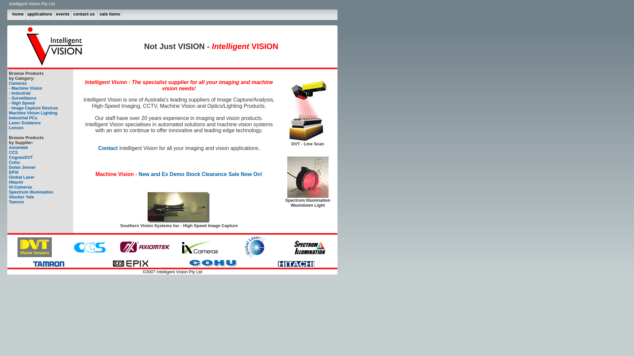  What do you see at coordinates (16, 128) in the screenshot?
I see `'Lenses'` at bounding box center [16, 128].